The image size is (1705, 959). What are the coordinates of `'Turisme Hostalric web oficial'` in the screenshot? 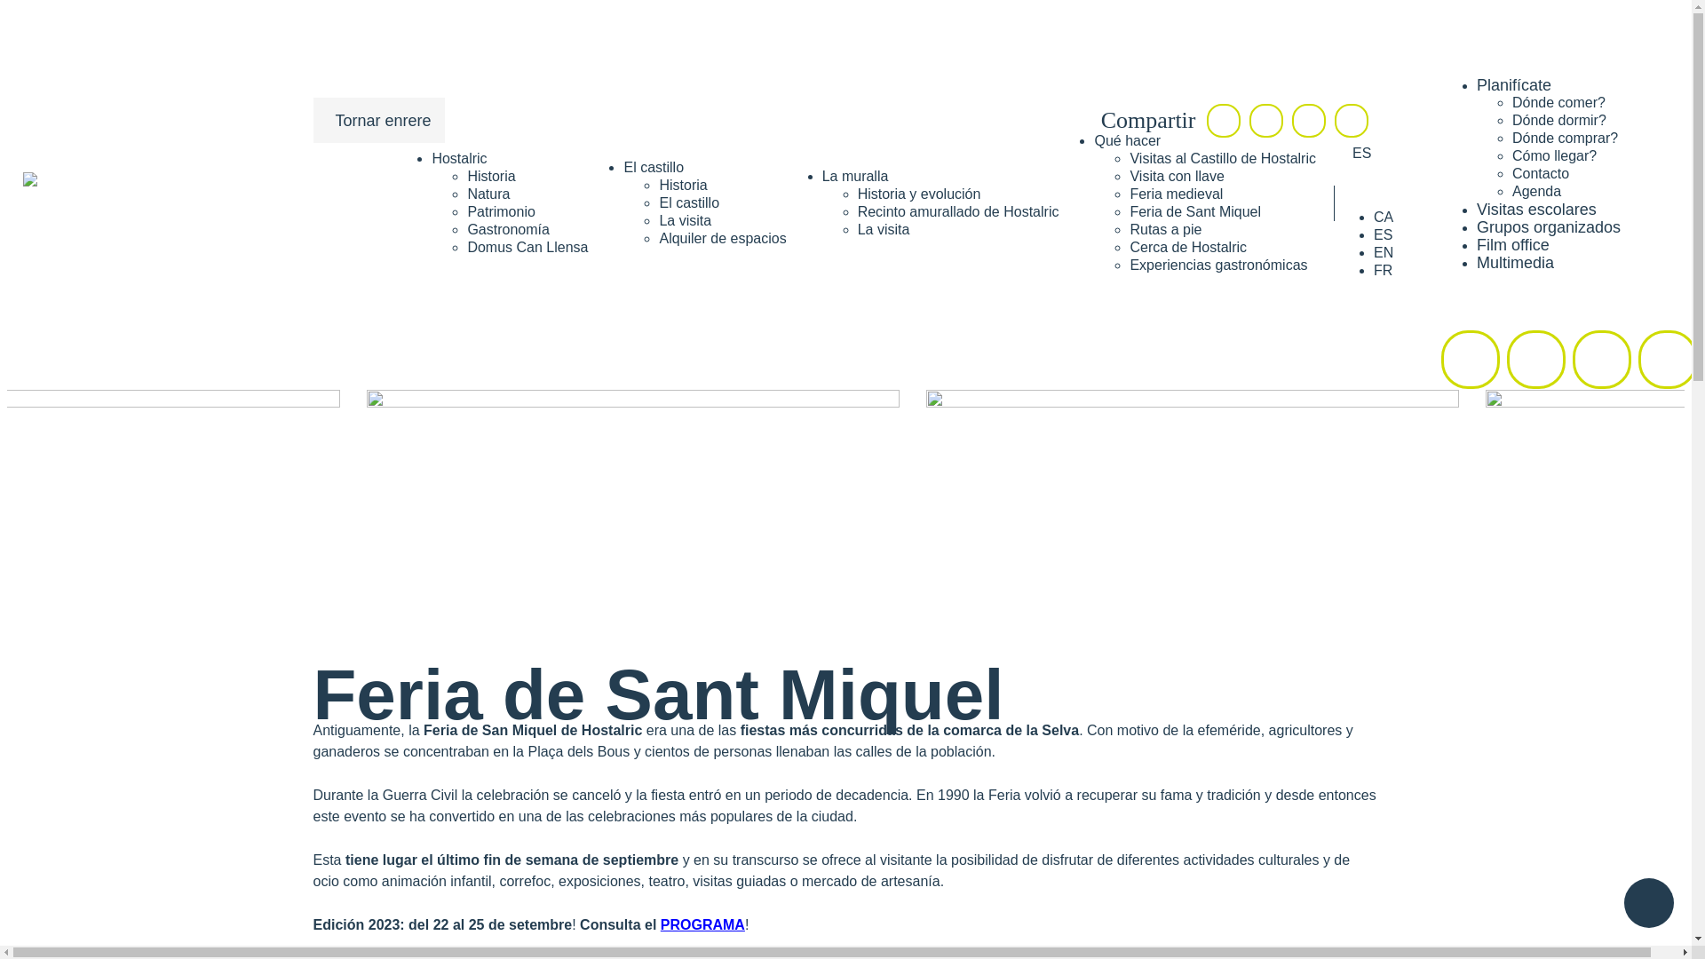 It's located at (29, 202).